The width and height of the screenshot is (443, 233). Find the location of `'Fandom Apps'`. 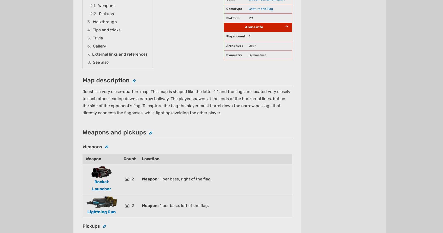

'Fandom Apps' is located at coordinates (296, 199).